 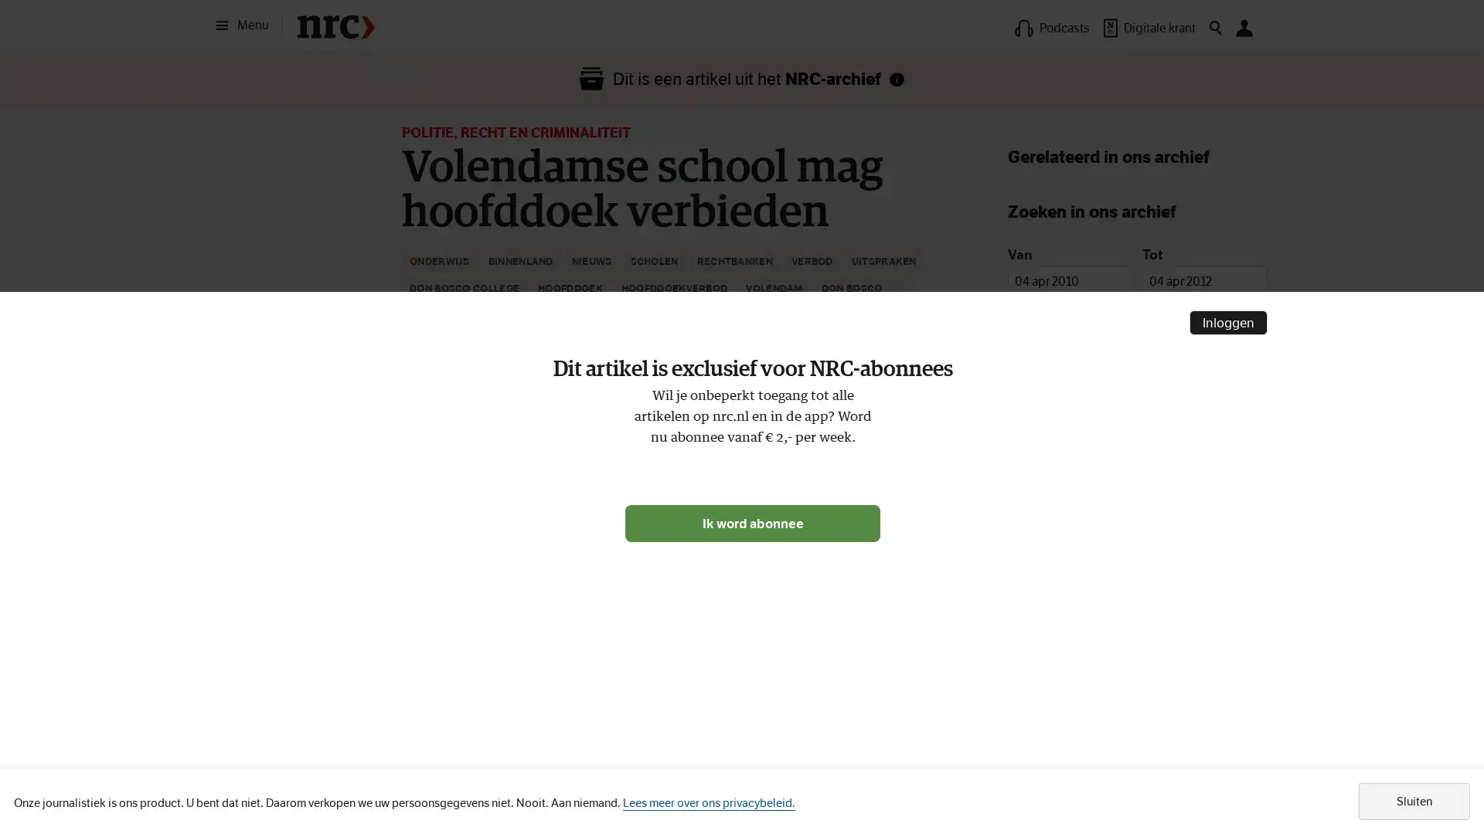 I want to click on ..., so click(x=901, y=289).